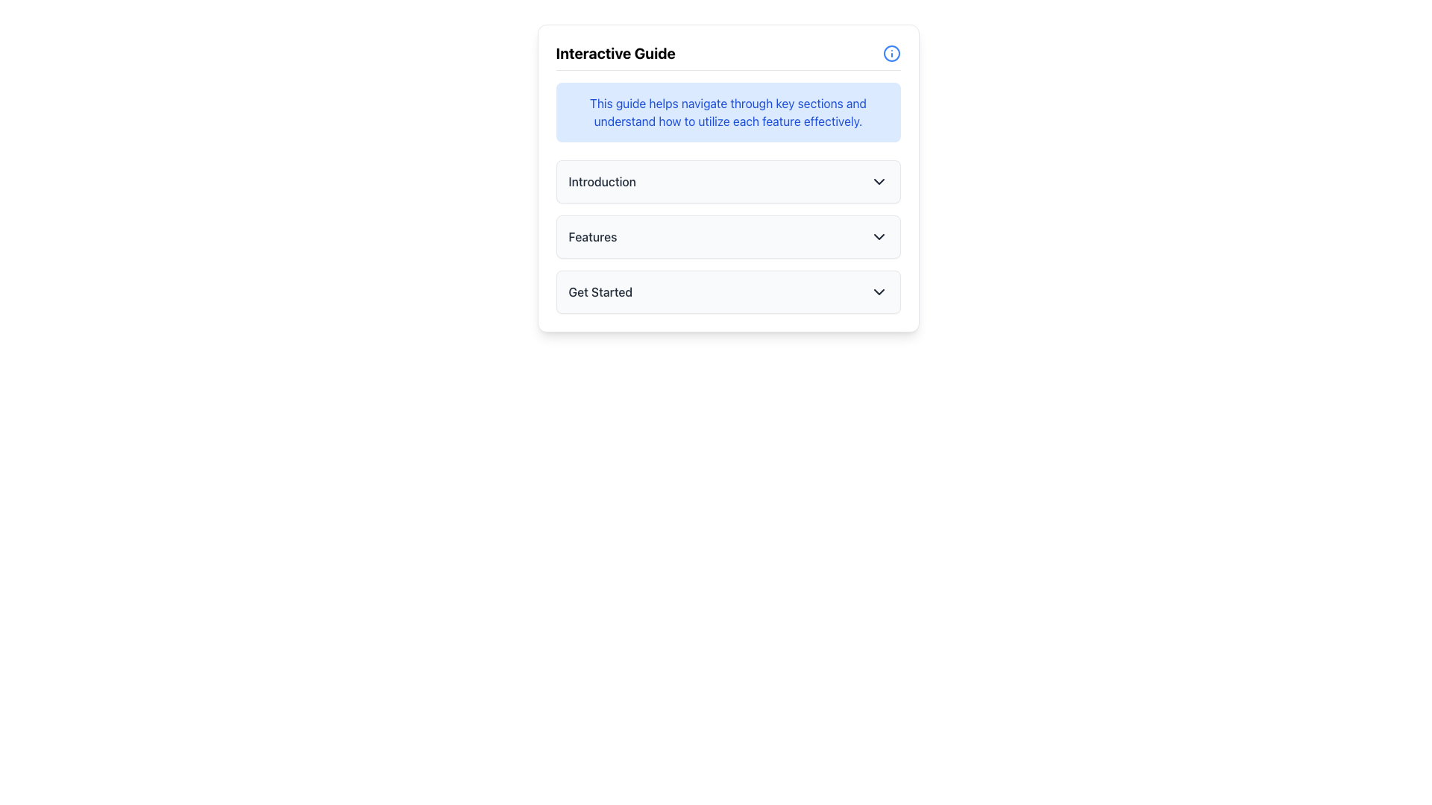 The height and width of the screenshot is (805, 1432). What do you see at coordinates (891, 53) in the screenshot?
I see `the informational/help icon located in the top-right corner of the 'Interactive Guide' card` at bounding box center [891, 53].